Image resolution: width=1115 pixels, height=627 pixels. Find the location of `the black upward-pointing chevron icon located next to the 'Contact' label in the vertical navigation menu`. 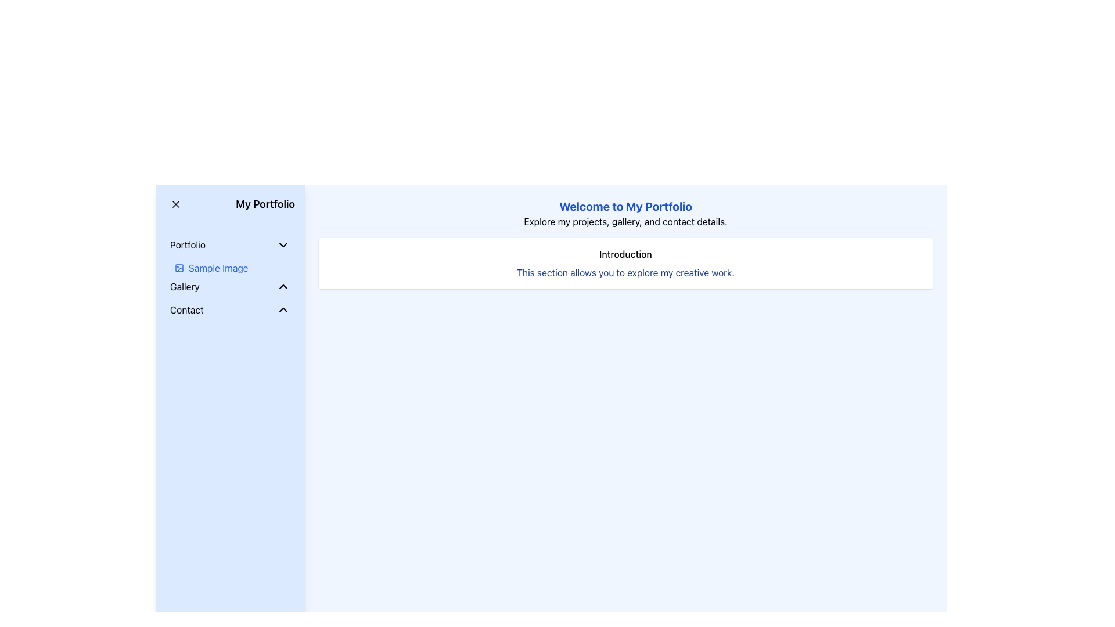

the black upward-pointing chevron icon located next to the 'Contact' label in the vertical navigation menu is located at coordinates (283, 309).